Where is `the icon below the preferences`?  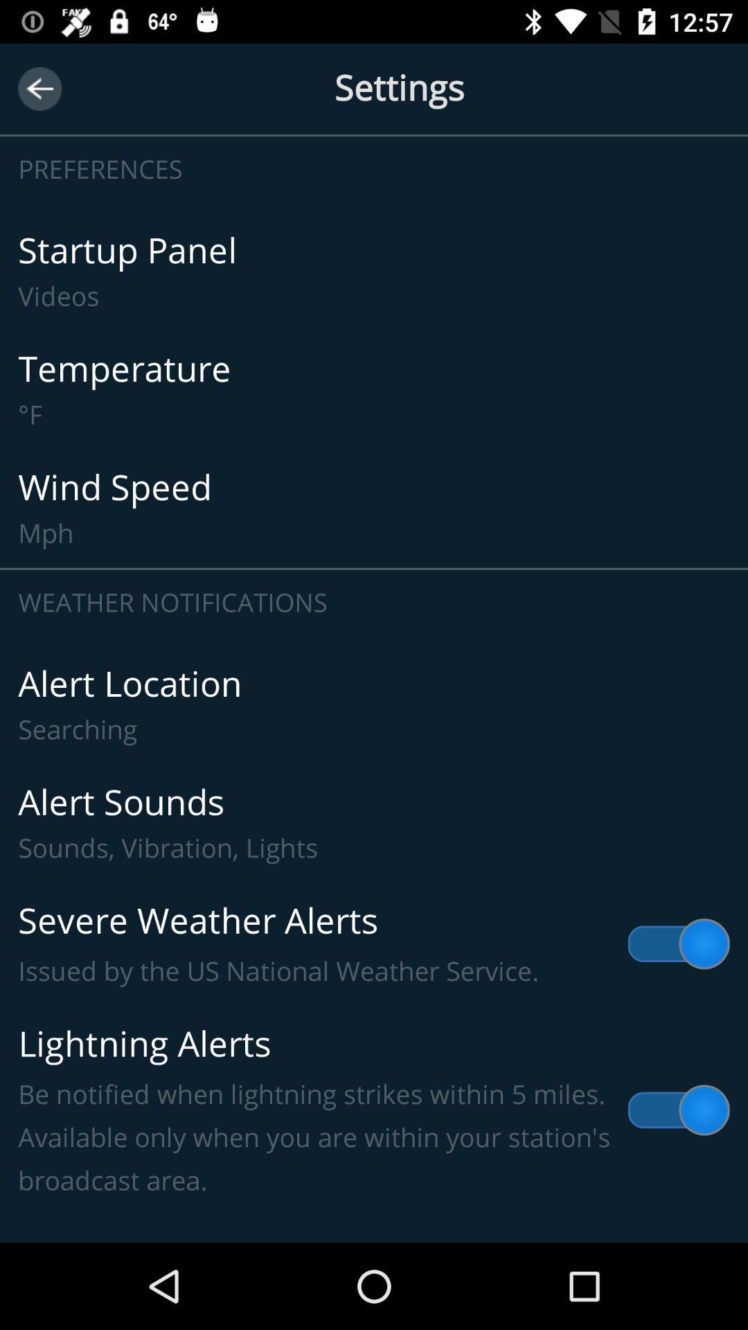
the icon below the preferences is located at coordinates (374, 272).